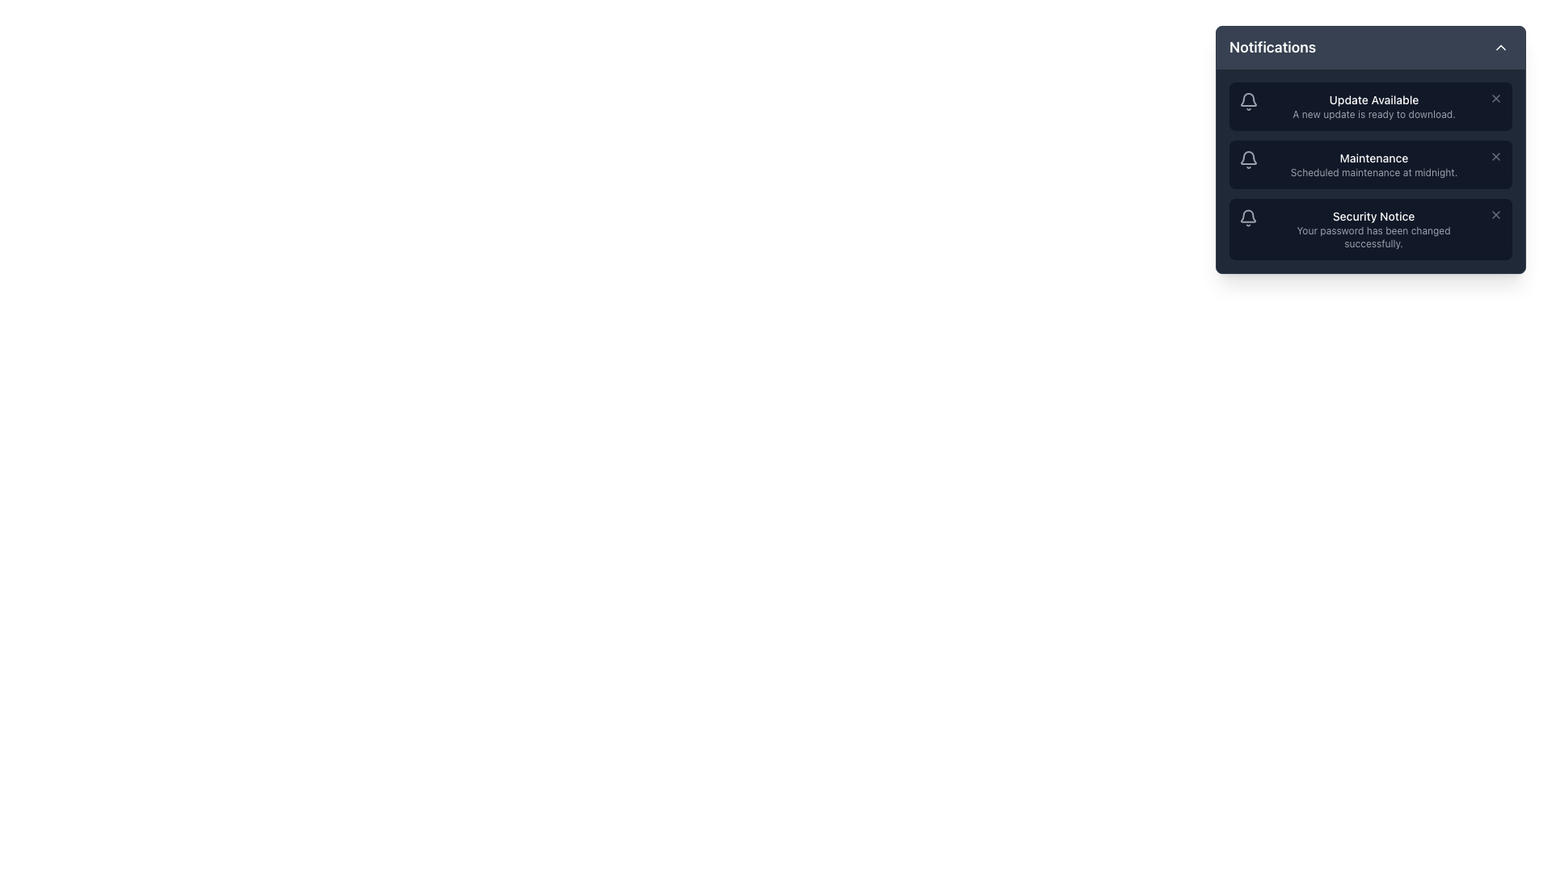 The width and height of the screenshot is (1552, 873). Describe the element at coordinates (1373, 158) in the screenshot. I see `the Text label that provides the title for the second notification card in the notifications panel, located above the text 'Scheduled maintenance at midnight.'` at that location.